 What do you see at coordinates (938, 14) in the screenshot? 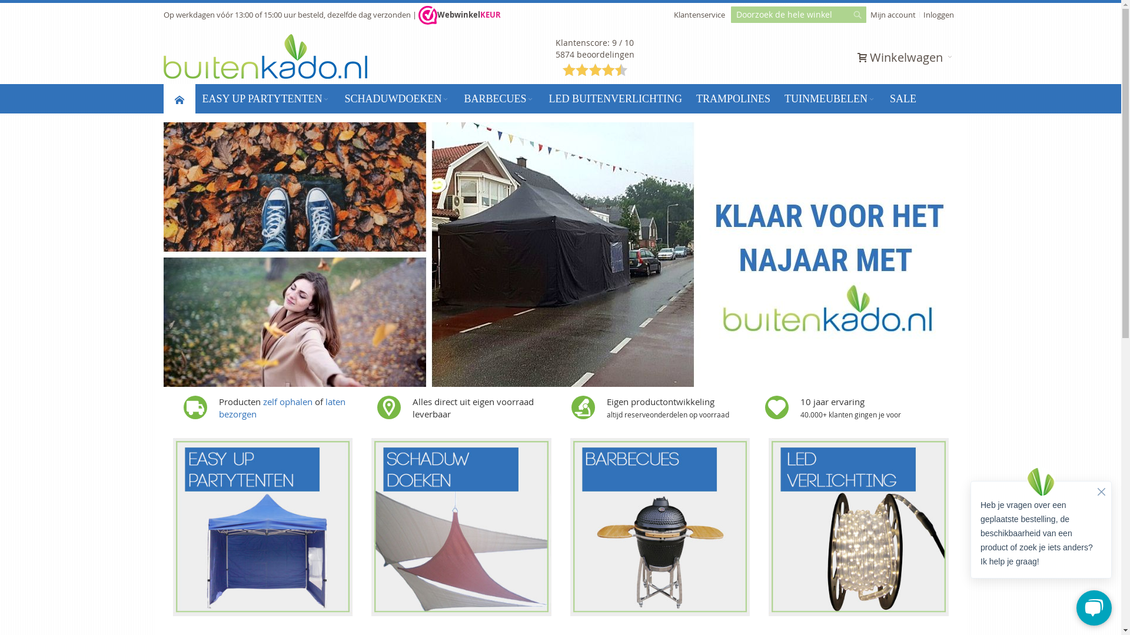
I see `'Inloggen'` at bounding box center [938, 14].